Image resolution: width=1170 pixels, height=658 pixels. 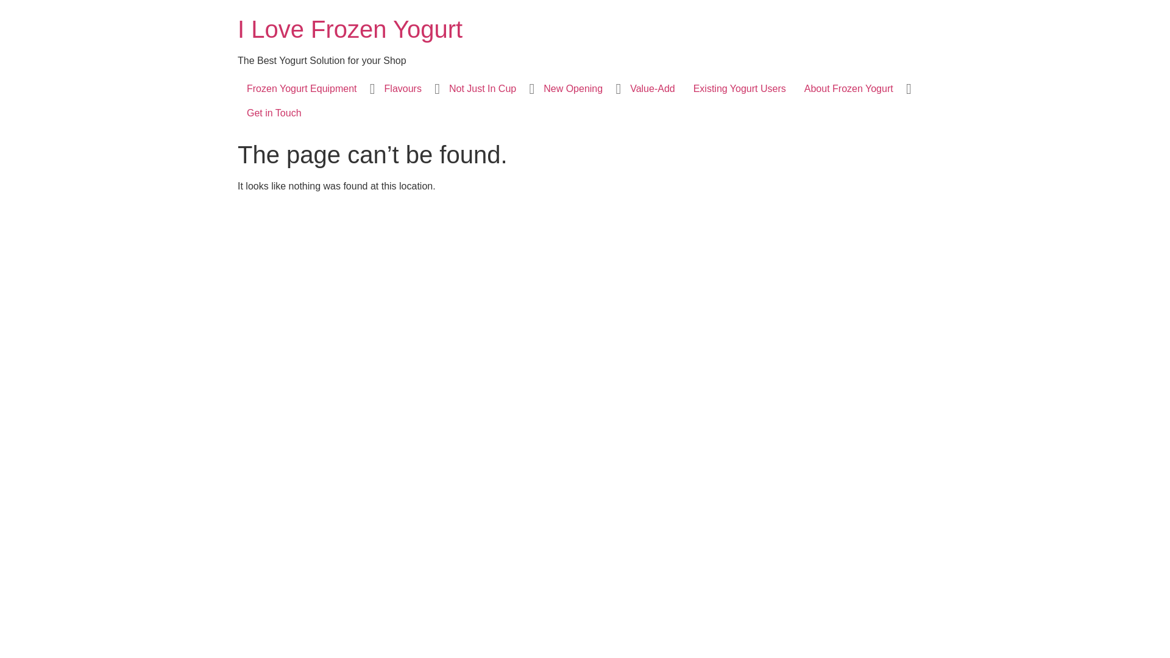 I want to click on 'Existing Yogurt Users', so click(x=684, y=88).